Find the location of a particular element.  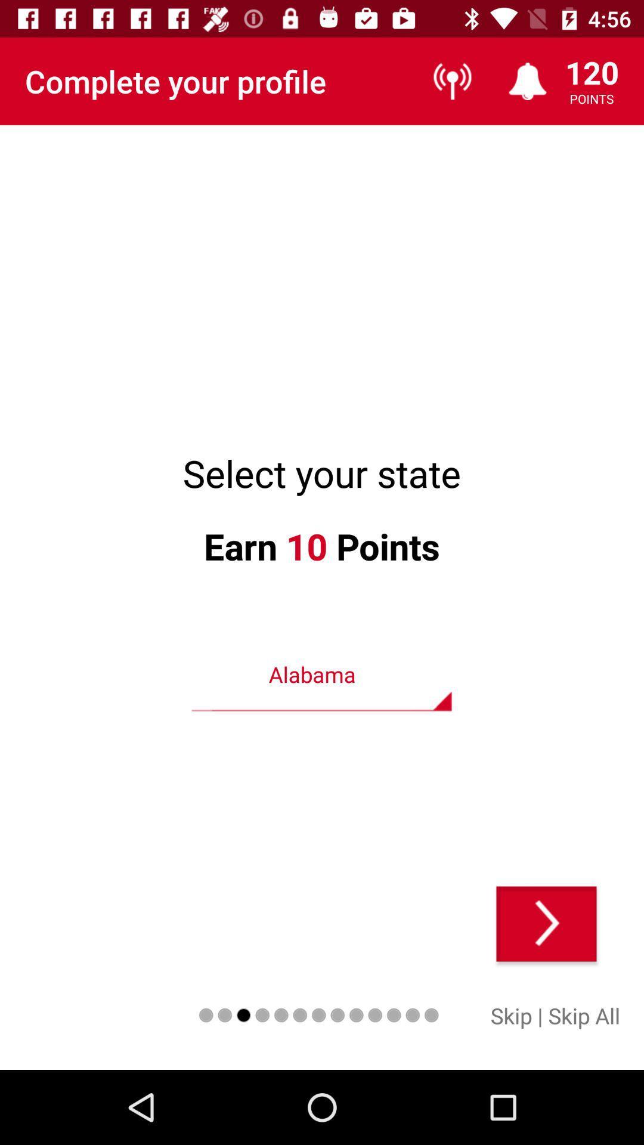

skip all icon is located at coordinates (583, 1015).